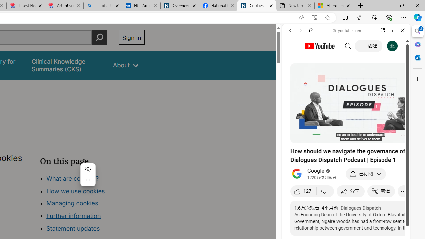 The width and height of the screenshot is (425, 239). Describe the element at coordinates (360, 208) in the screenshot. I see `'Dialogues Dispatch'` at that location.